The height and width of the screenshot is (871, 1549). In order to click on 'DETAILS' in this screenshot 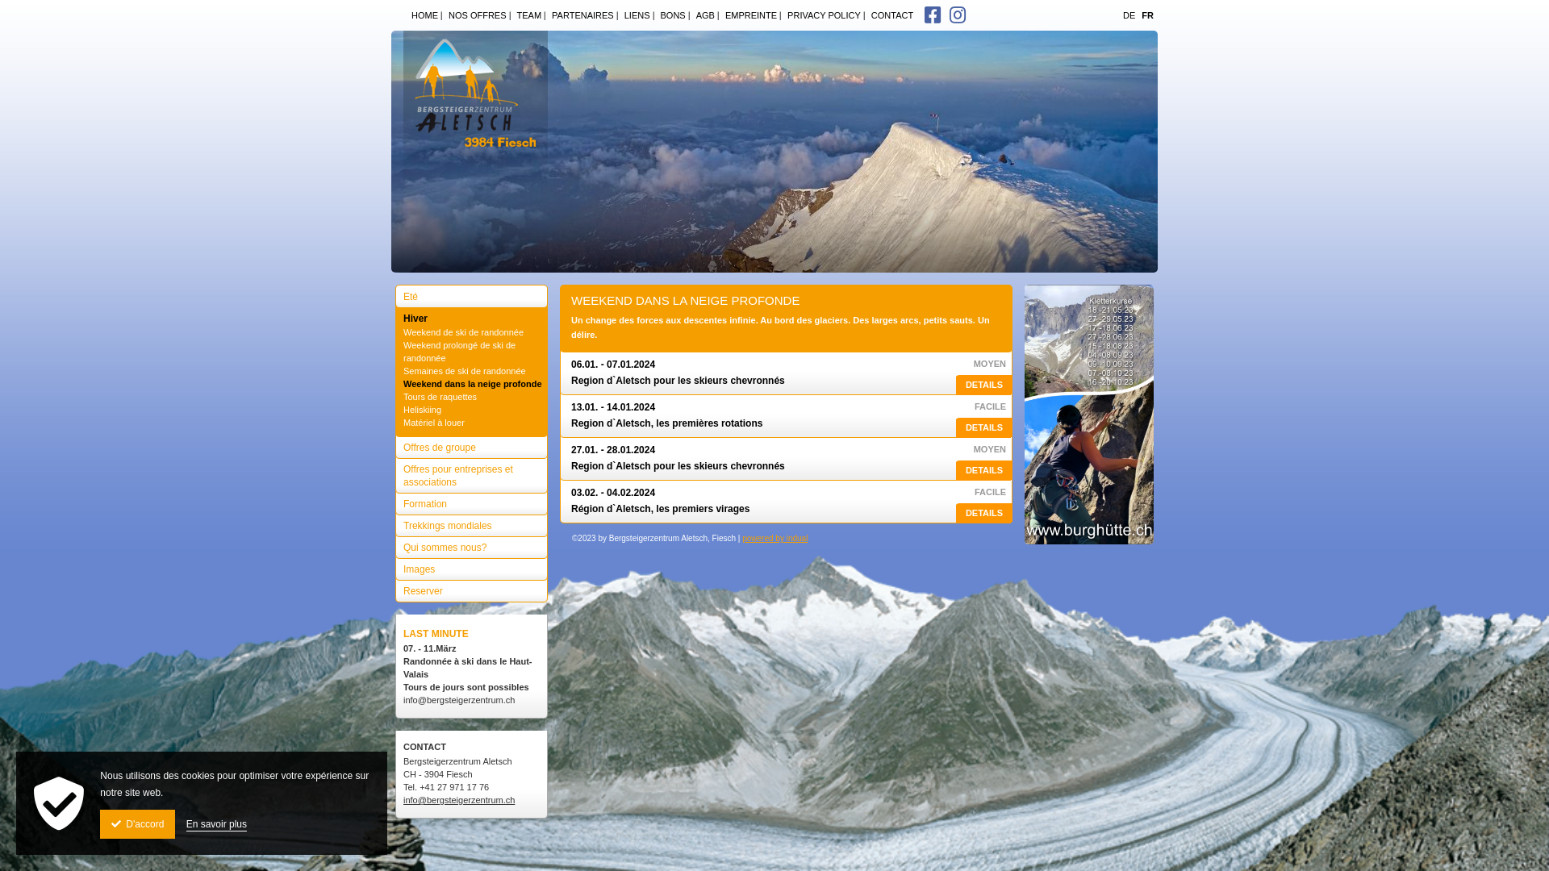, I will do `click(983, 385)`.